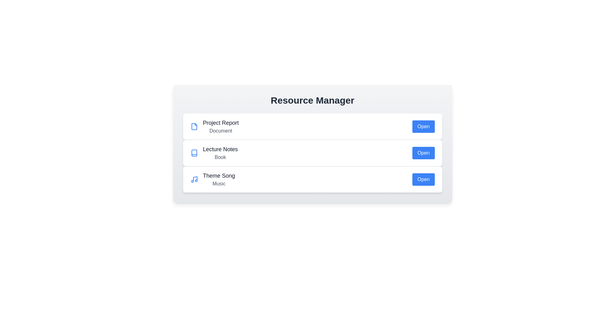  I want to click on the icon representing the resource type Document to highlight it, so click(194, 126).